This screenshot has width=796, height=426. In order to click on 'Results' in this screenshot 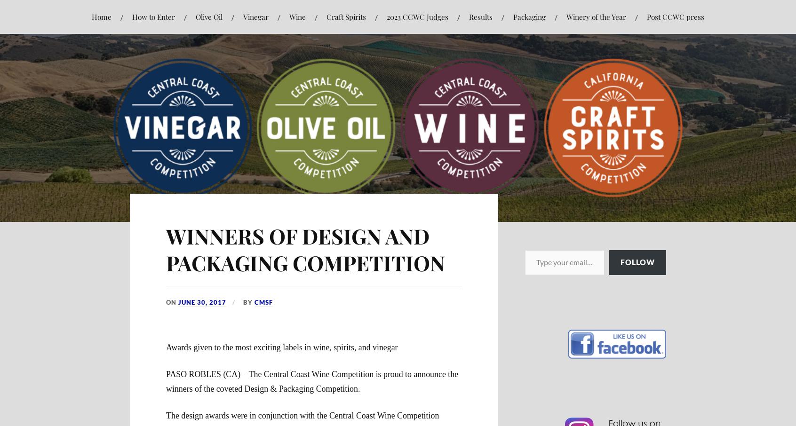, I will do `click(480, 16)`.